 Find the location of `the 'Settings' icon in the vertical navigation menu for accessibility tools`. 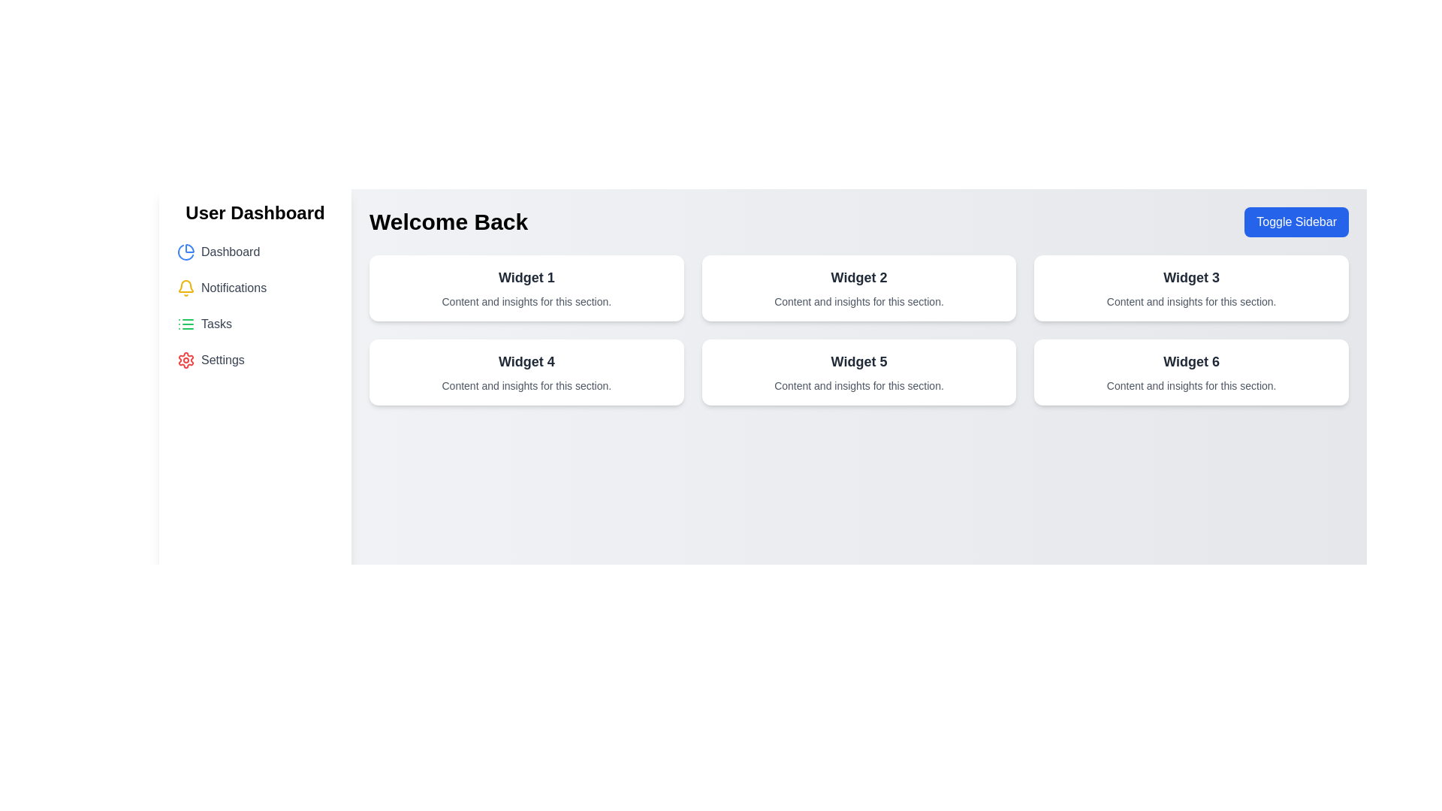

the 'Settings' icon in the vertical navigation menu for accessibility tools is located at coordinates (186, 360).